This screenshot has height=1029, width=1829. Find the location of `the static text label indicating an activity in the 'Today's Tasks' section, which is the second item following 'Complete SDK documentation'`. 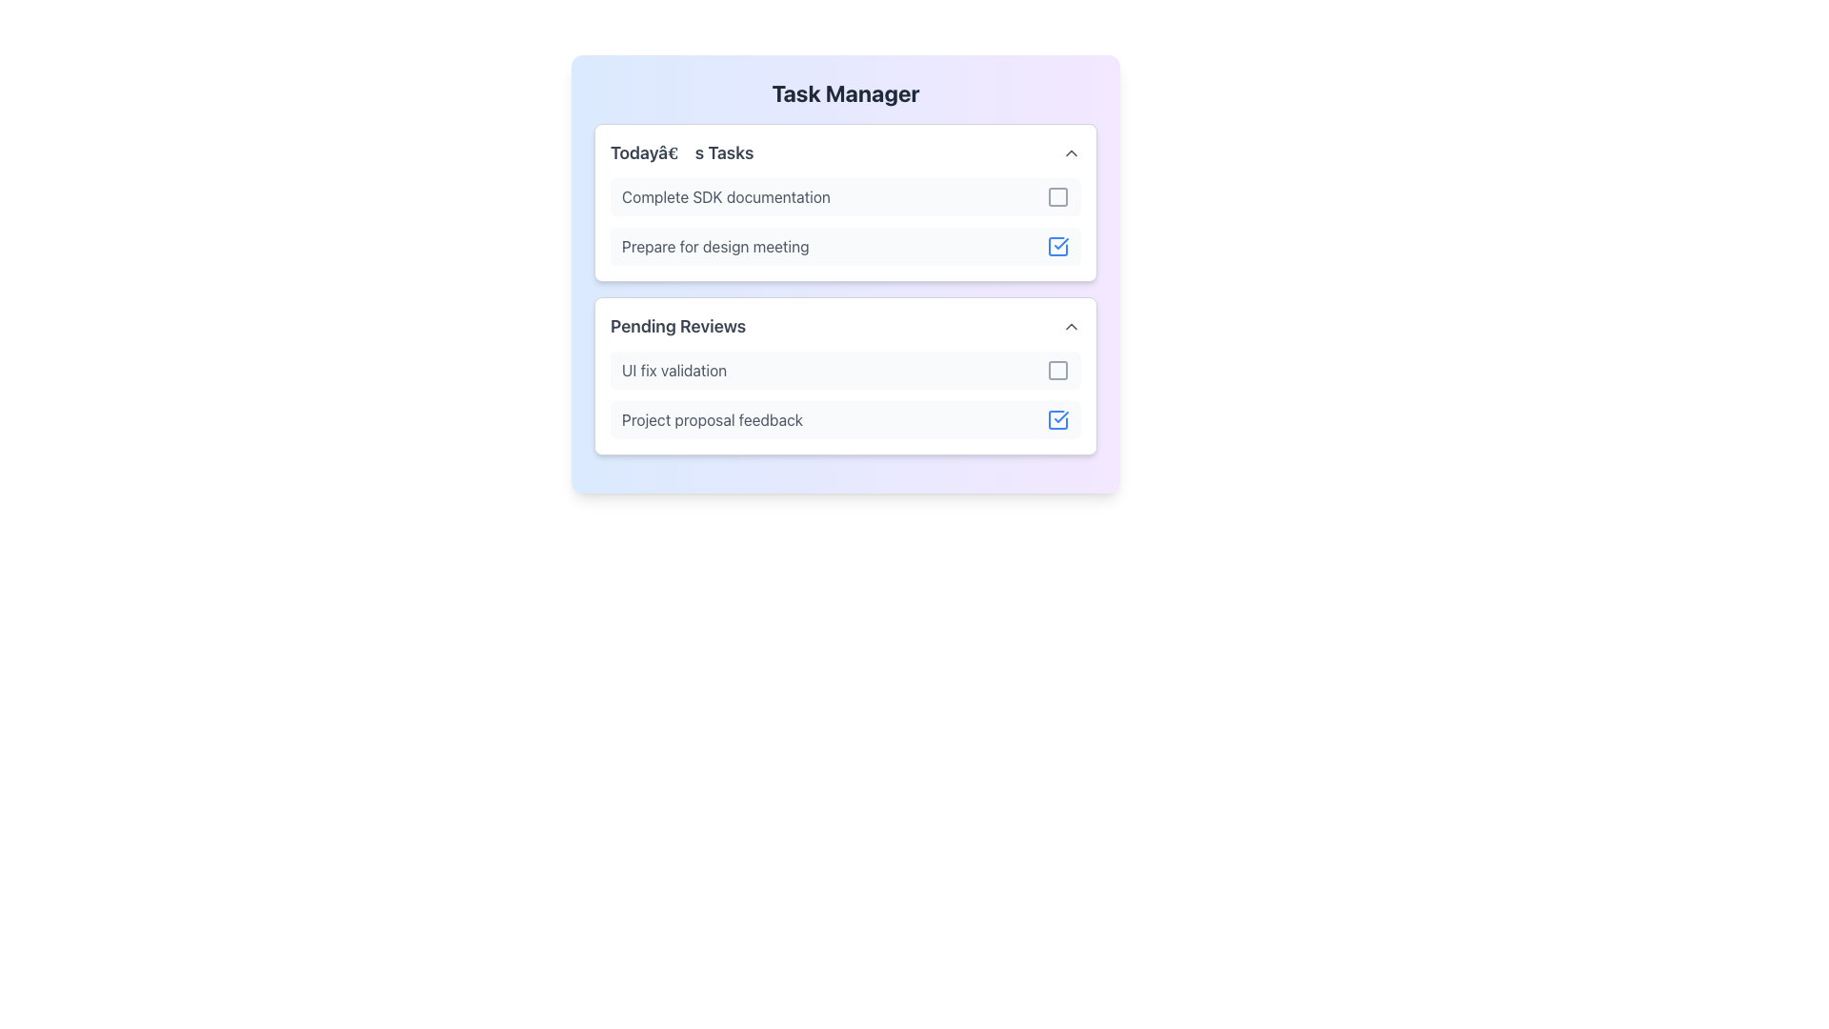

the static text label indicating an activity in the 'Today's Tasks' section, which is the second item following 'Complete SDK documentation' is located at coordinates (714, 245).